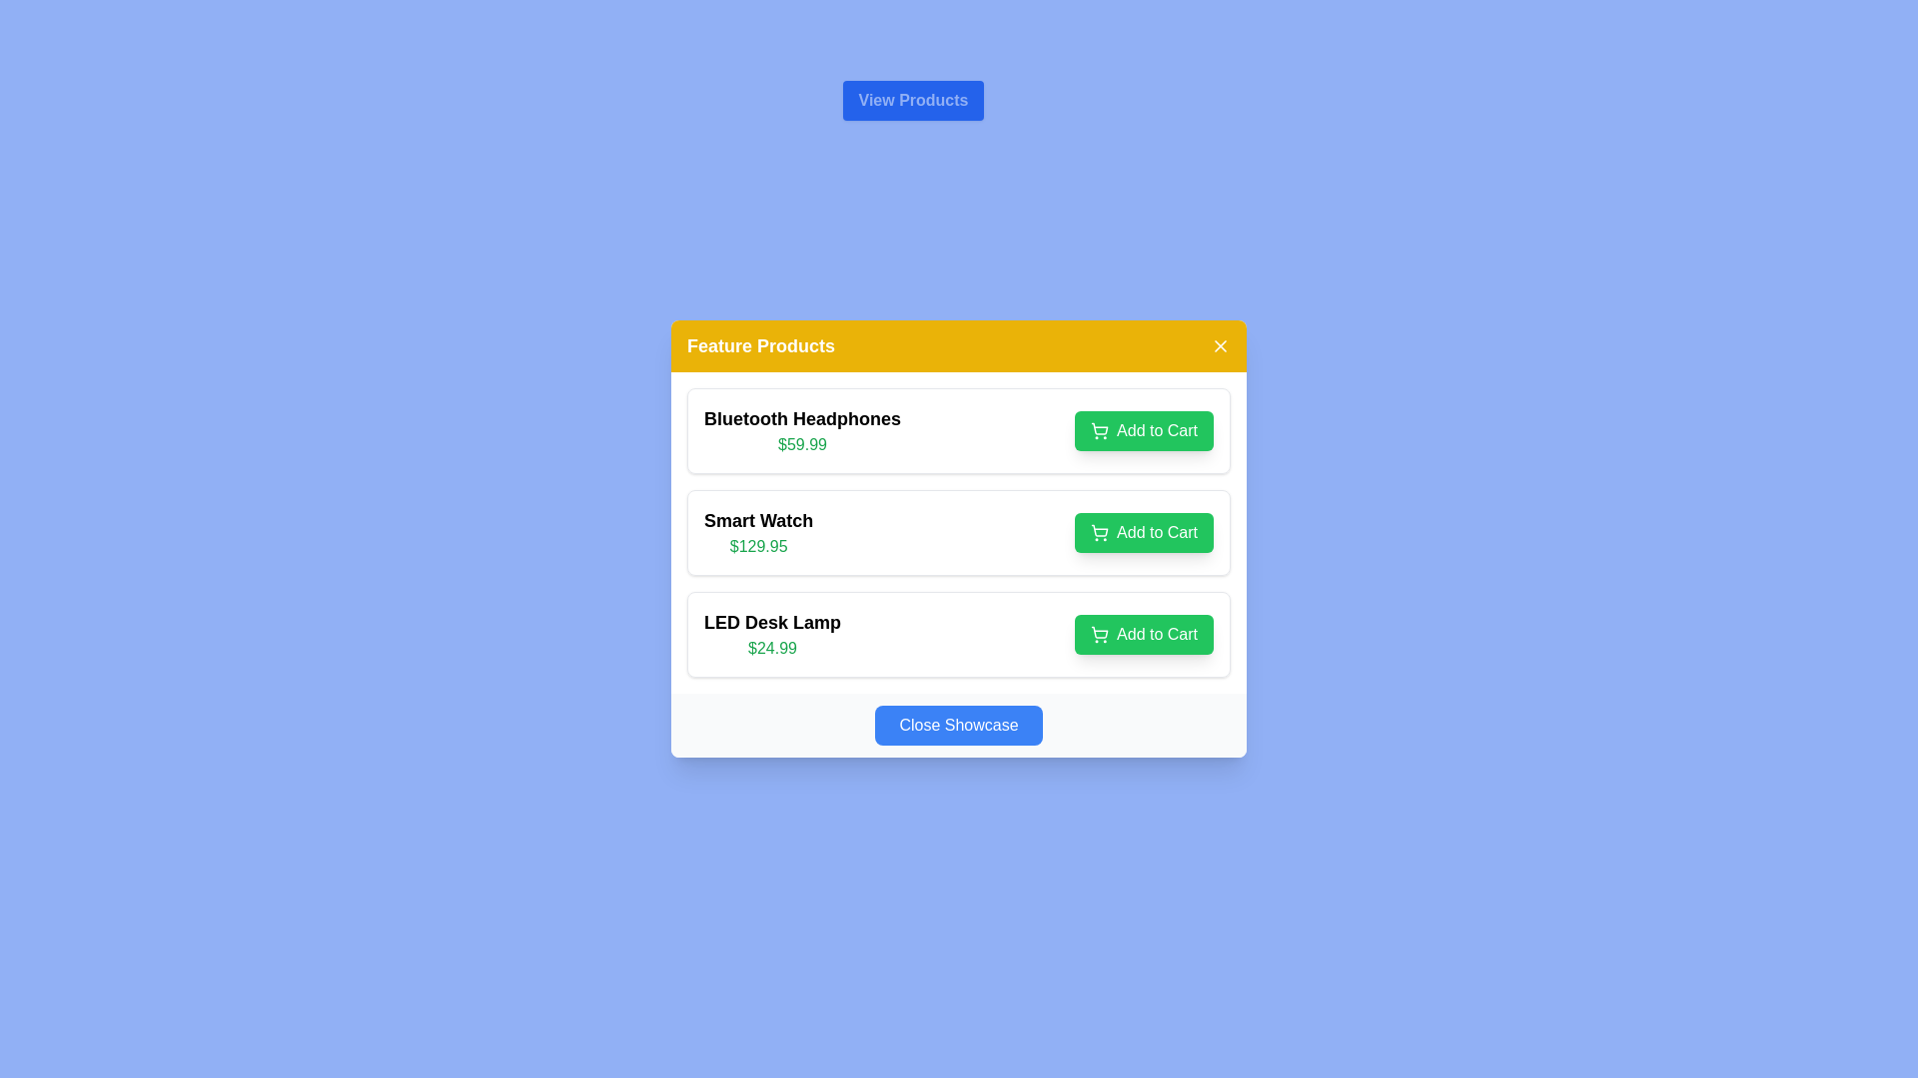 This screenshot has height=1078, width=1918. Describe the element at coordinates (802, 418) in the screenshot. I see `the text label displaying 'Bluetooth Headphones' which is styled in bold and larger font, positioned in the 'Feature Products' section above the '$59.99' price text` at that location.